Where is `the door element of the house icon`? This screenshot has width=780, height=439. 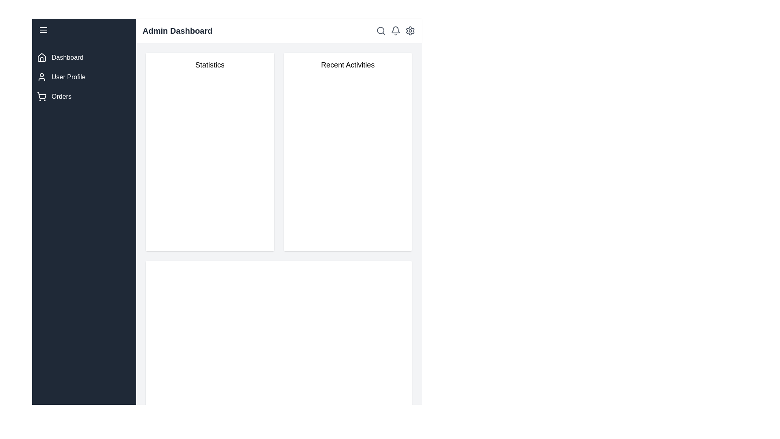 the door element of the house icon is located at coordinates (41, 59).